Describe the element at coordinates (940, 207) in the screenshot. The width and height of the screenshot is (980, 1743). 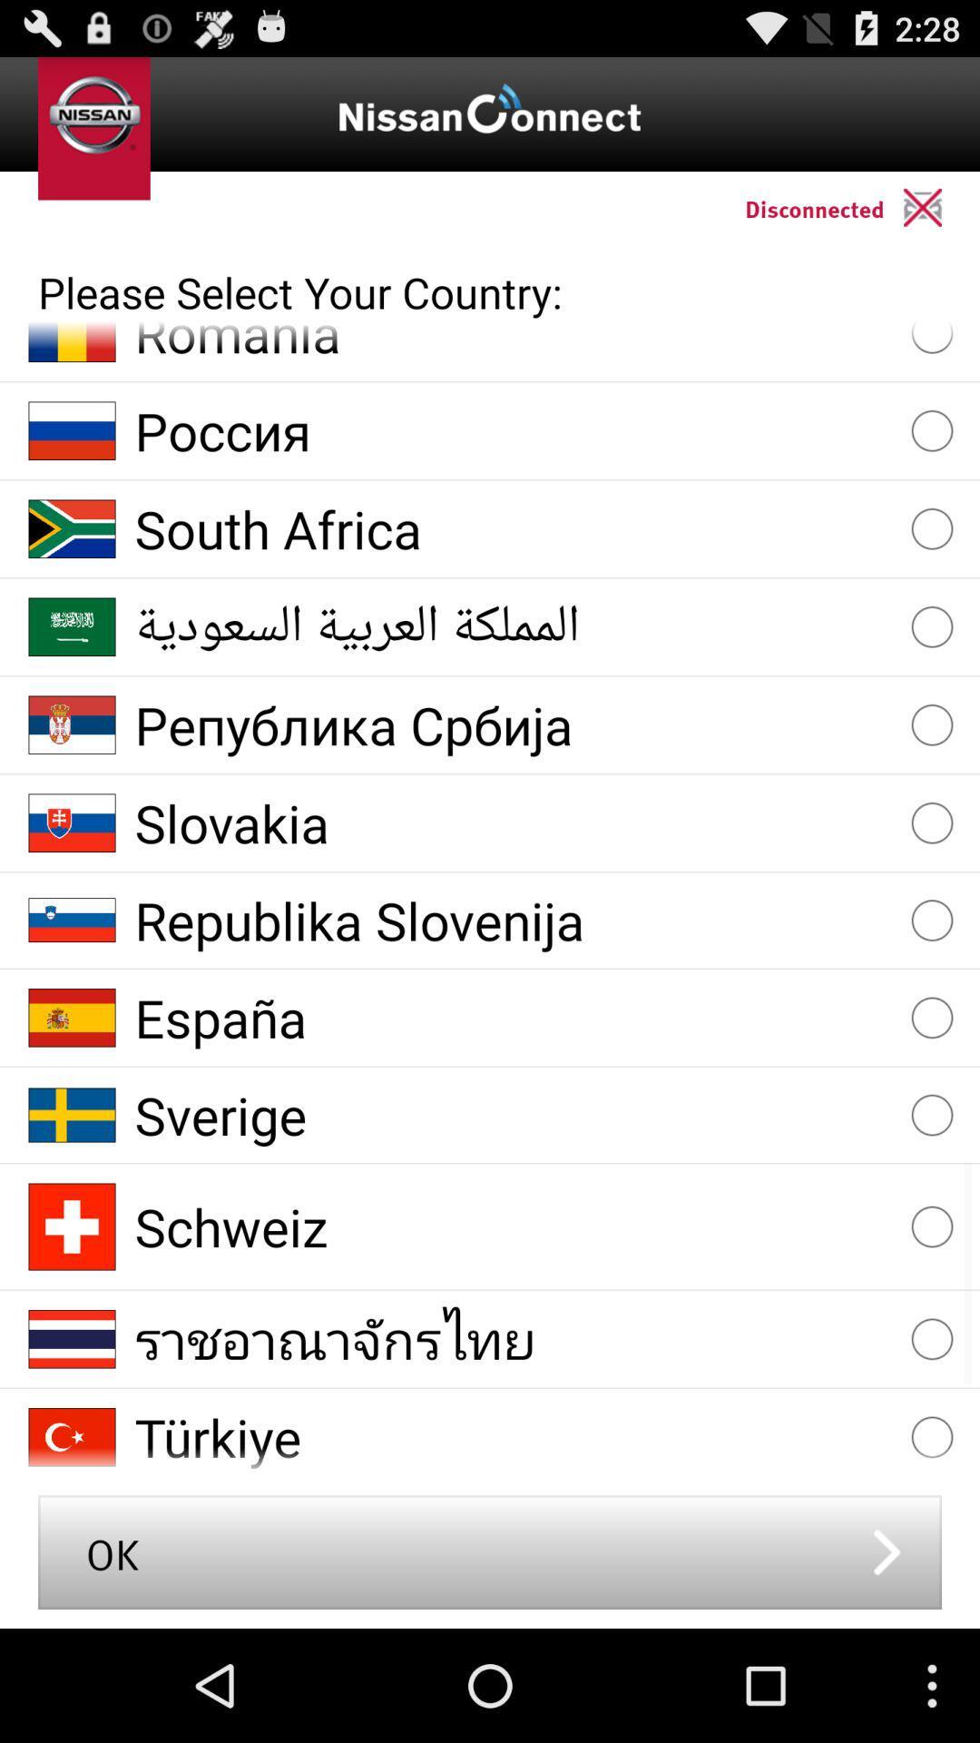
I see `the app above the please select your app` at that location.